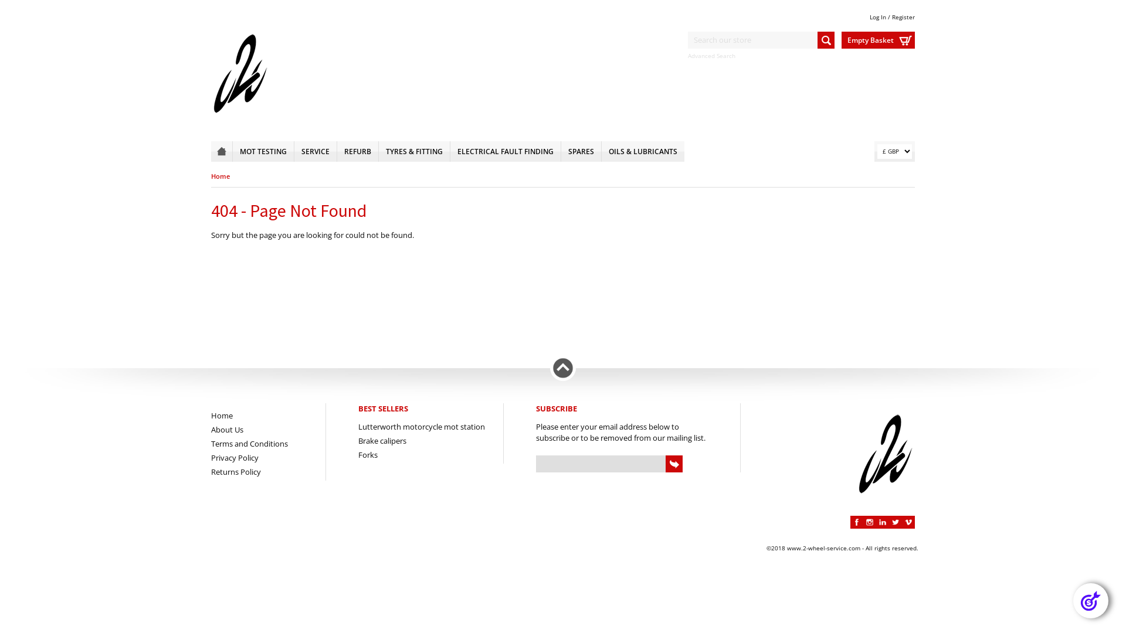 Image resolution: width=1126 pixels, height=633 pixels. I want to click on 'About Us', so click(227, 429).